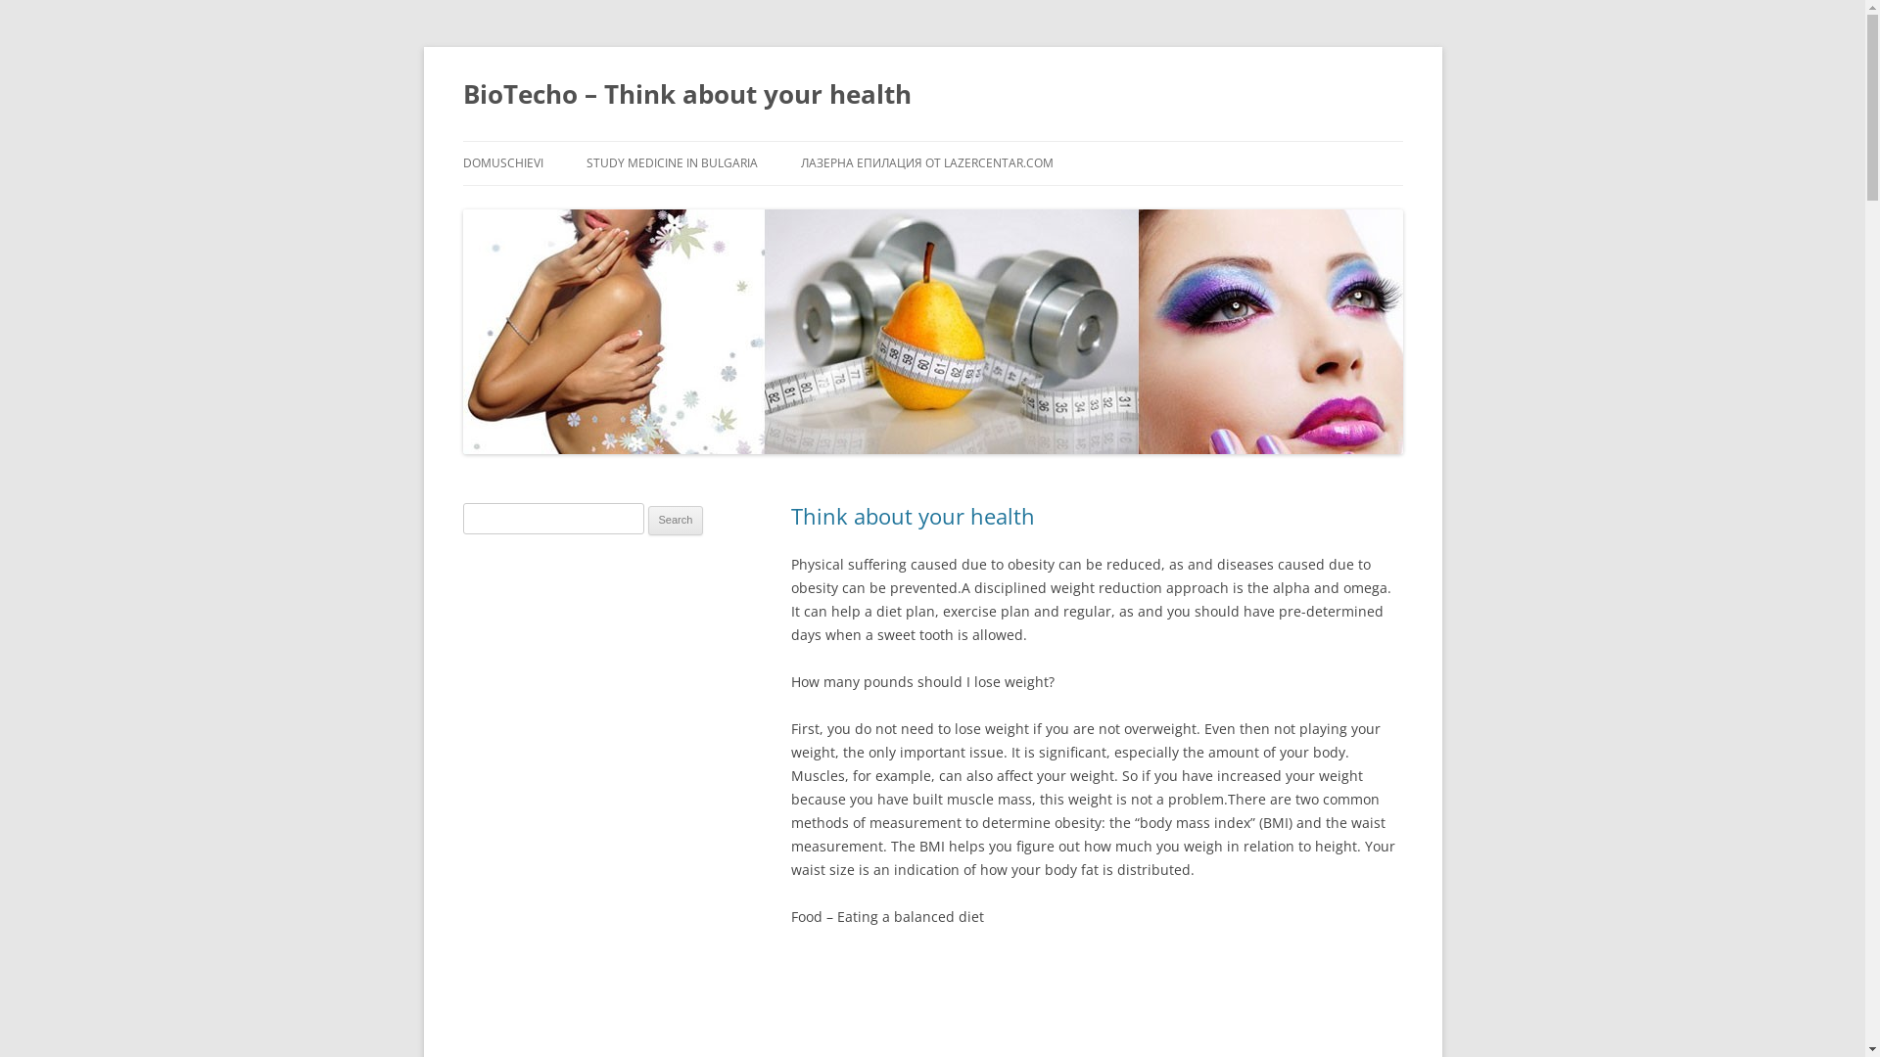 Image resolution: width=1880 pixels, height=1057 pixels. What do you see at coordinates (502, 161) in the screenshot?
I see `'DOMUSCHIEVI'` at bounding box center [502, 161].